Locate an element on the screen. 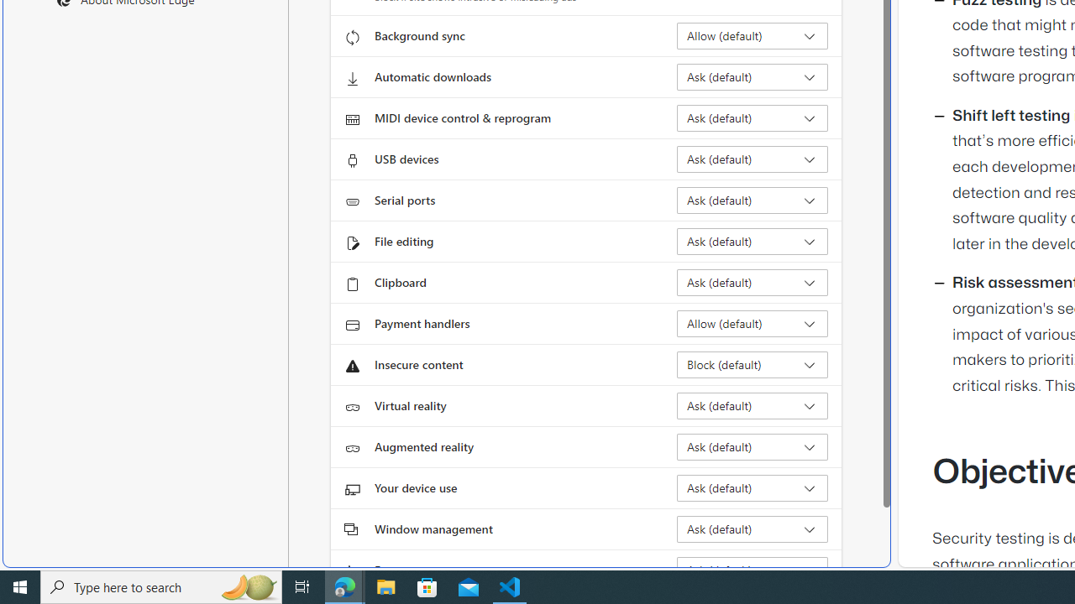 This screenshot has width=1075, height=604. 'File editing Ask (default)' is located at coordinates (752, 242).